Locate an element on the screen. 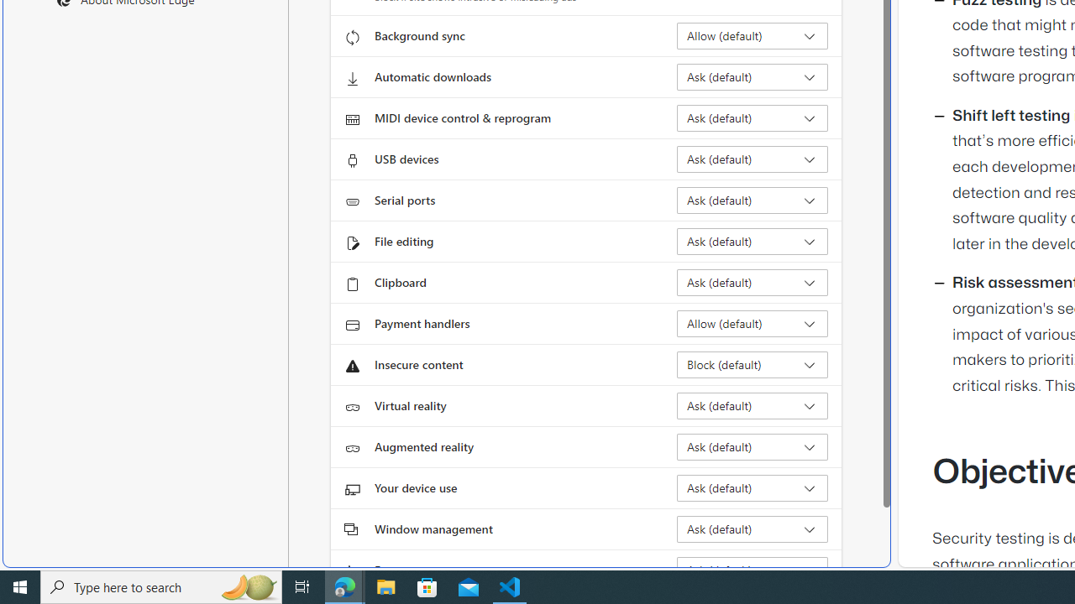 This screenshot has width=1075, height=604. 'File editing Ask (default)' is located at coordinates (752, 242).